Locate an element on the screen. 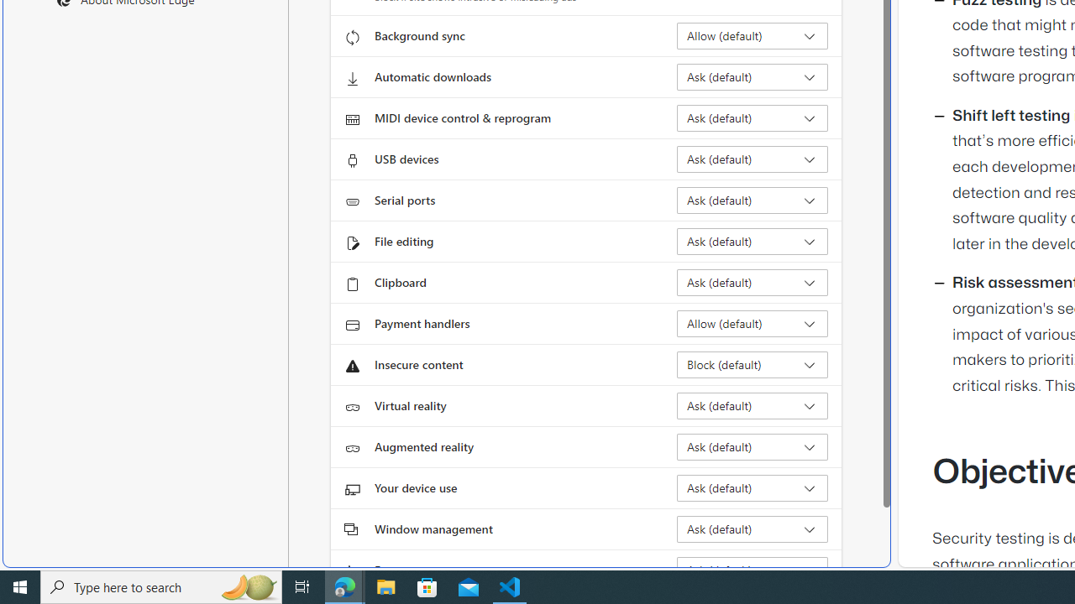 This screenshot has width=1075, height=604. 'File editing Ask (default)' is located at coordinates (752, 242).